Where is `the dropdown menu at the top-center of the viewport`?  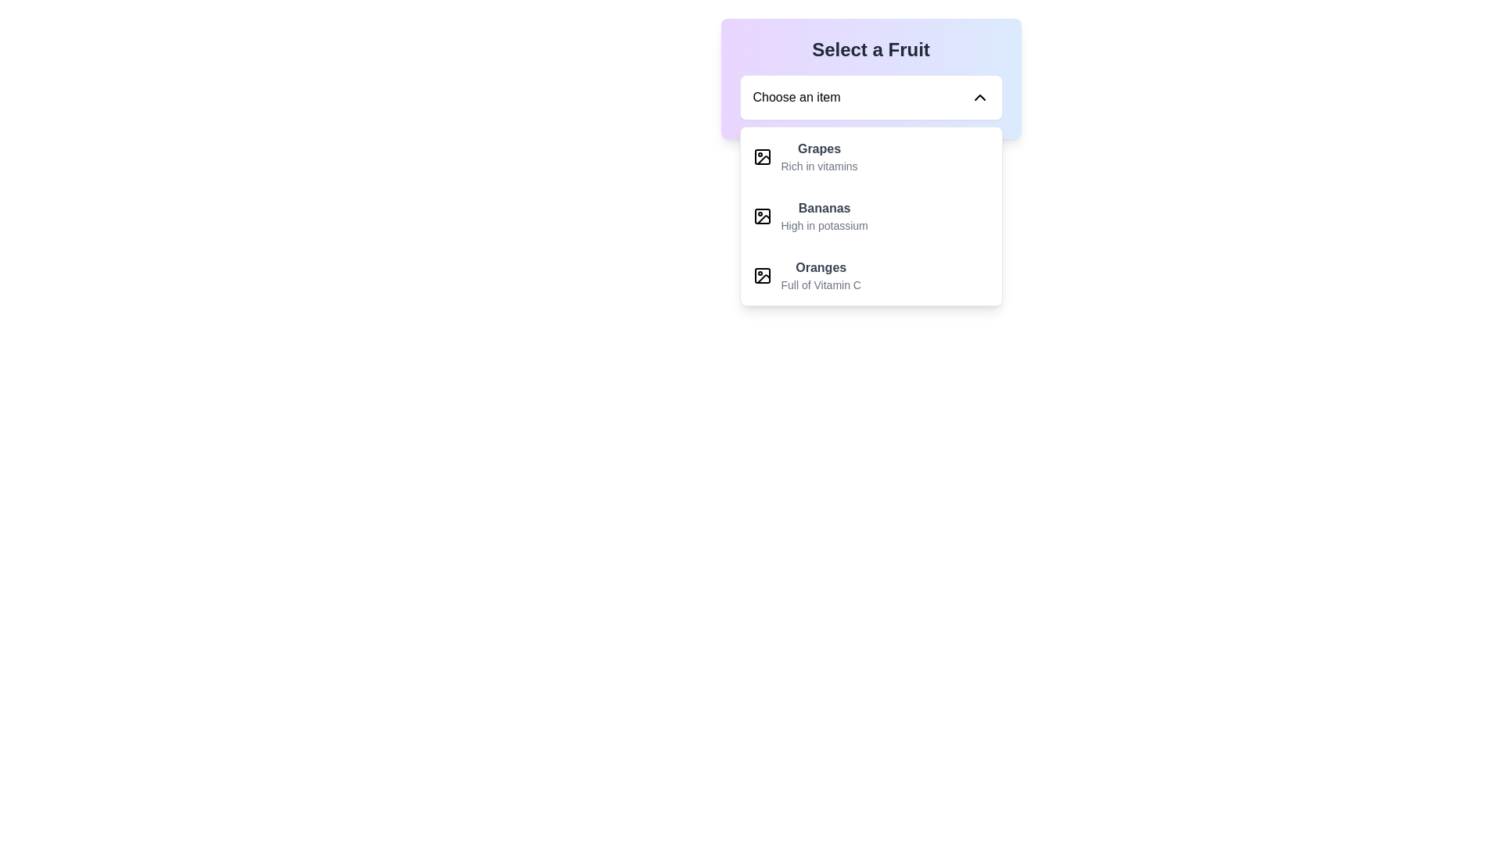
the dropdown menu at the top-center of the viewport is located at coordinates (870, 78).